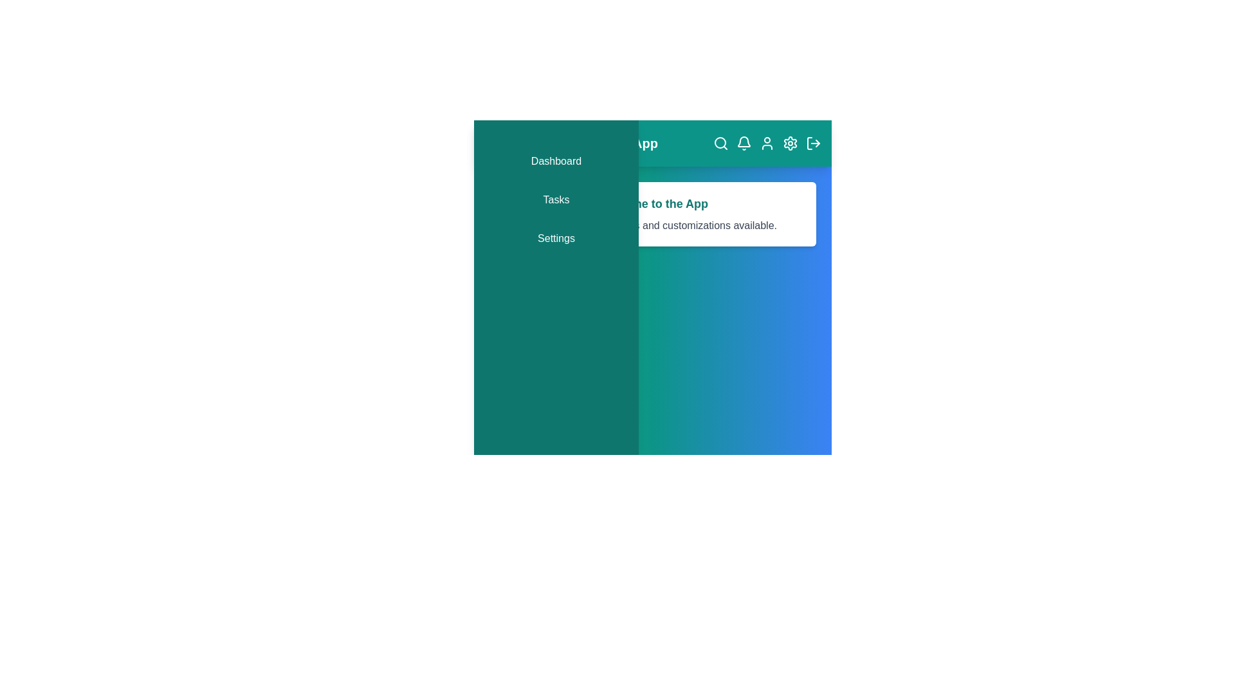  Describe the element at coordinates (556, 160) in the screenshot. I see `the 'Dashboard' menu item to navigate to the Dashboard` at that location.